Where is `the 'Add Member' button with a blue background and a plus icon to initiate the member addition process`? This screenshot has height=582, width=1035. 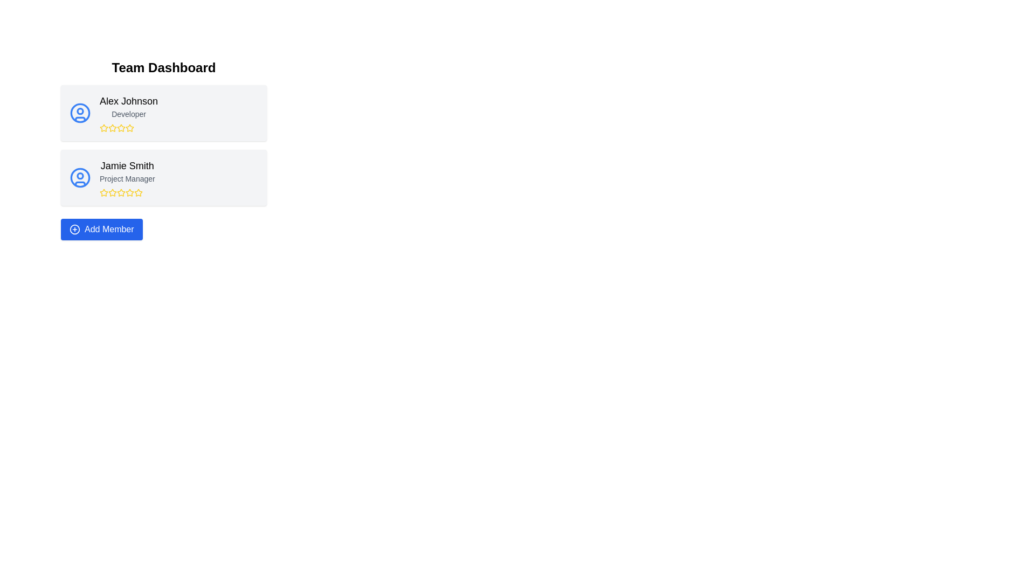
the 'Add Member' button with a blue background and a plus icon to initiate the member addition process is located at coordinates (101, 228).